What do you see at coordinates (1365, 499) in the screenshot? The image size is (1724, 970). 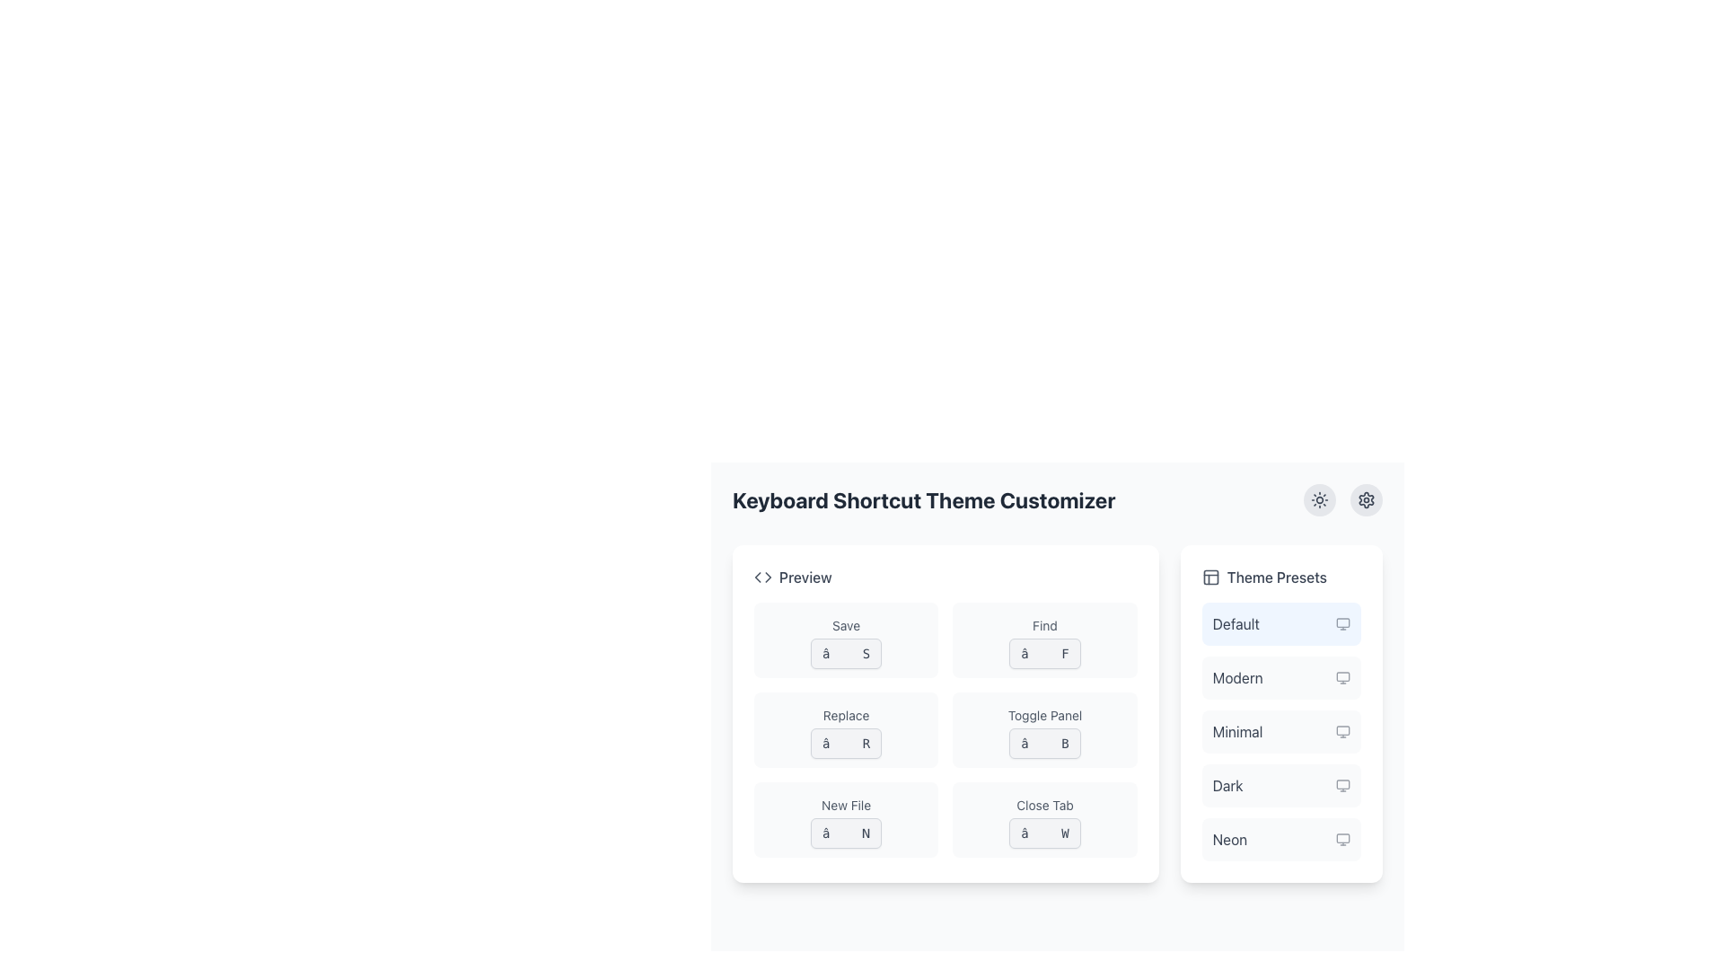 I see `the cogwheel icon` at bounding box center [1365, 499].